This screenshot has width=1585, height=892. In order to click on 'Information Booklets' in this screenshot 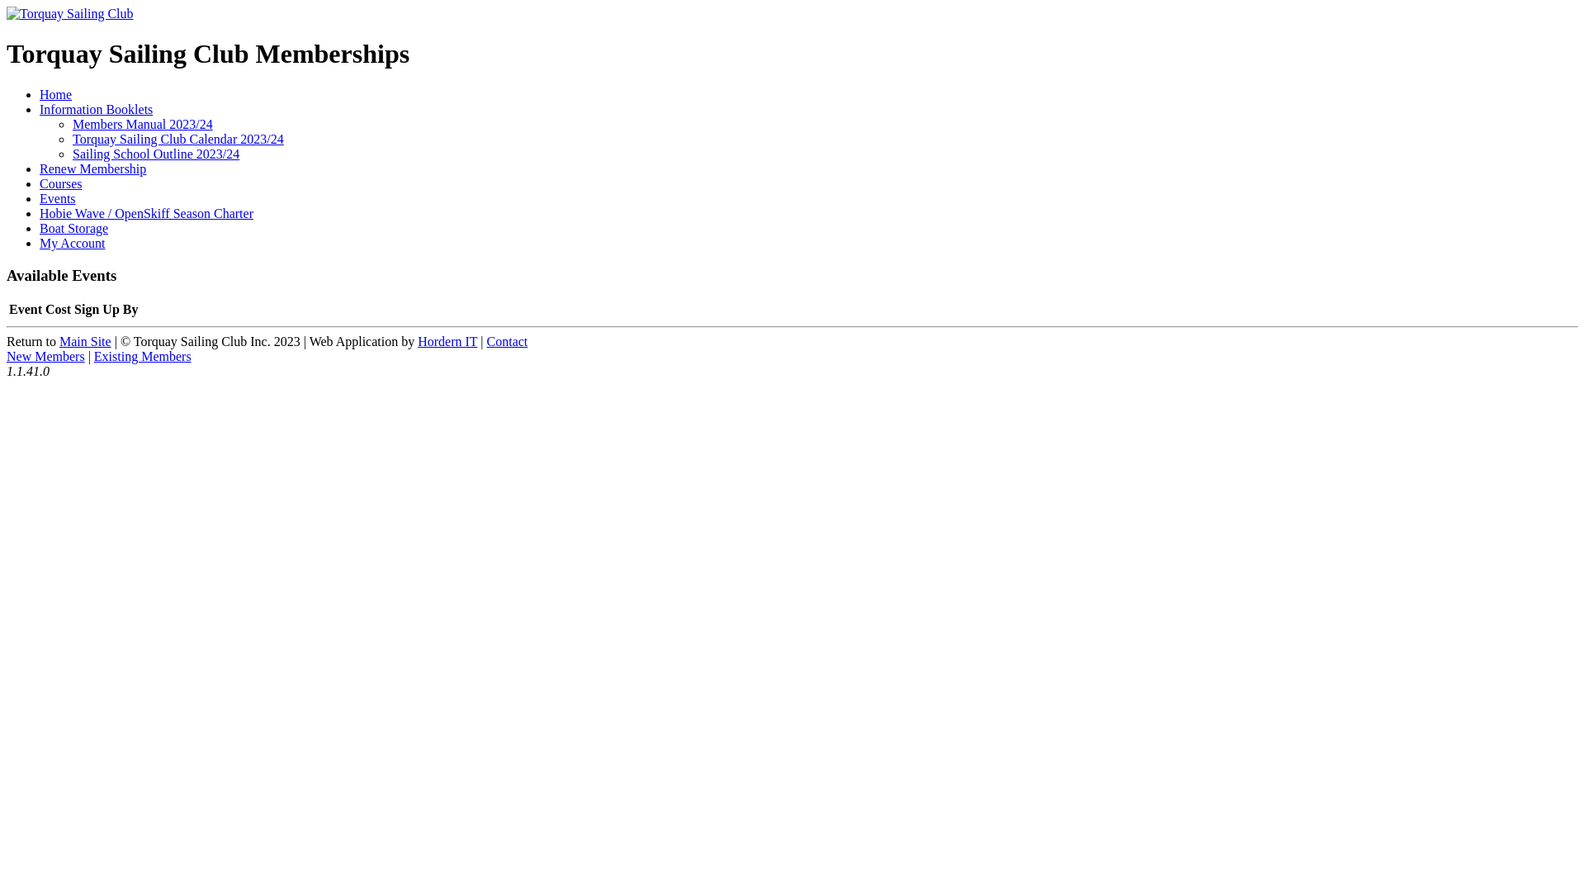, I will do `click(95, 109)`.